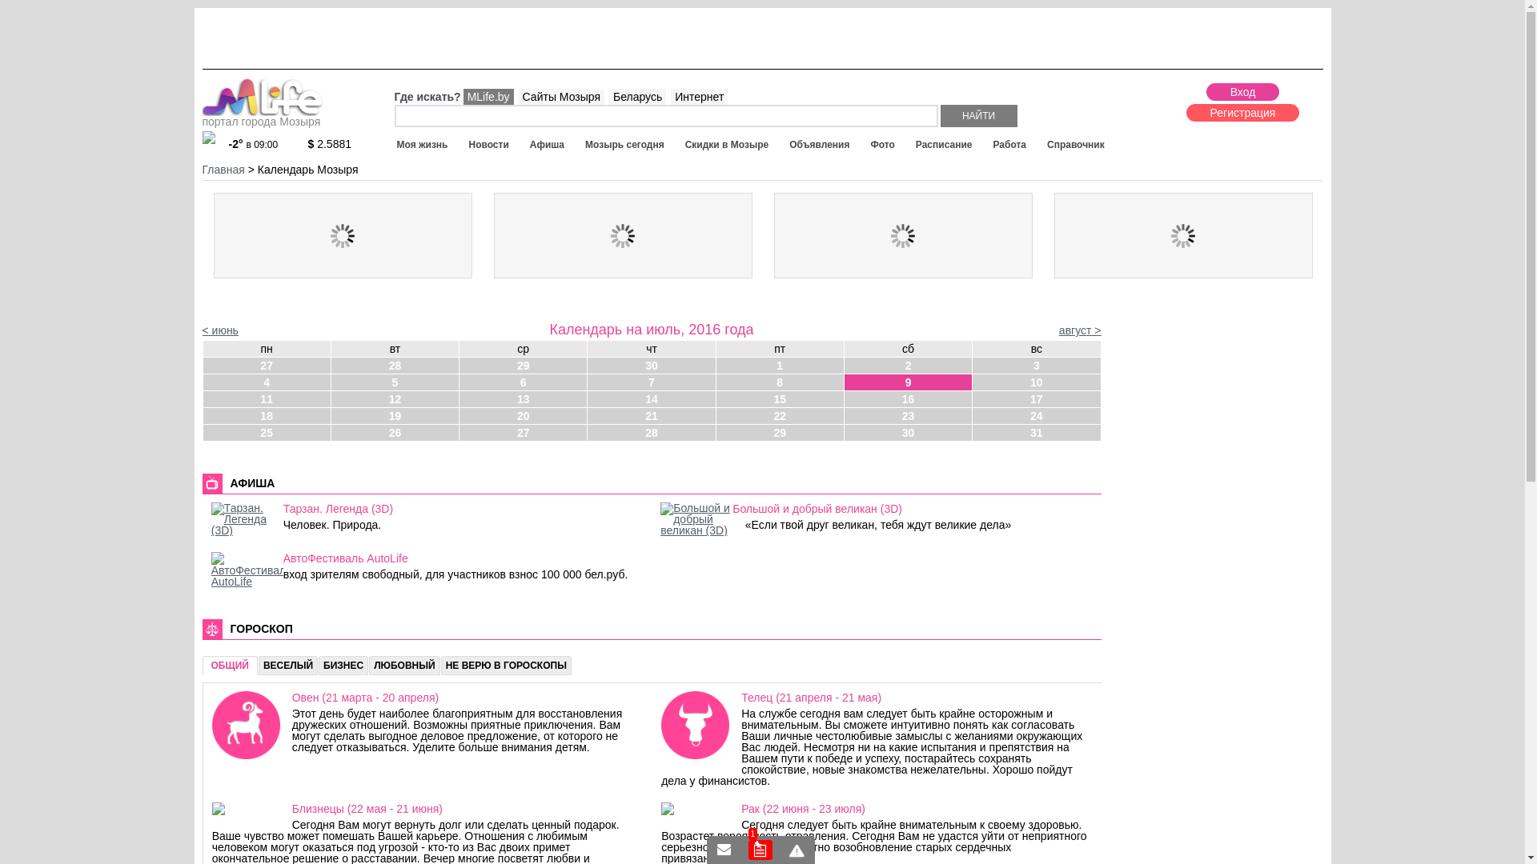 The width and height of the screenshot is (1537, 864). Describe the element at coordinates (908, 365) in the screenshot. I see `'2'` at that location.